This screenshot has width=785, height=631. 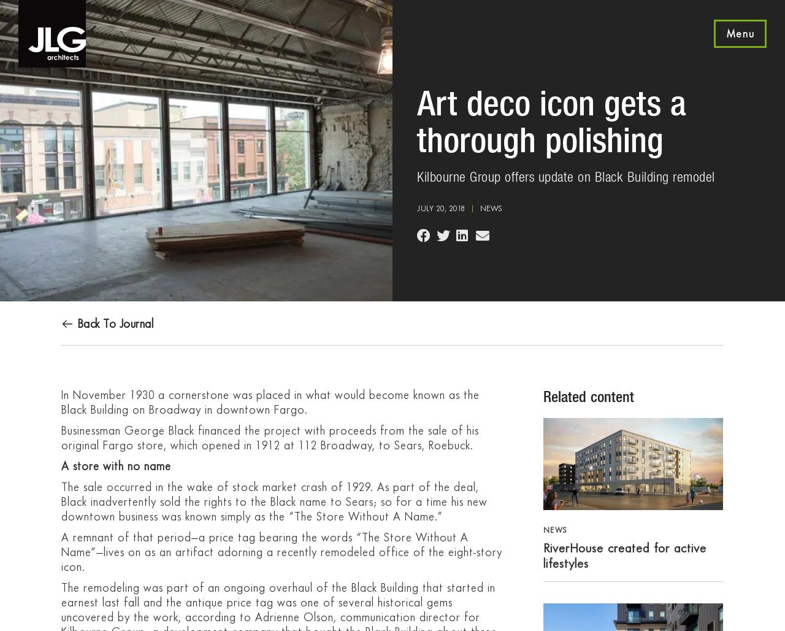 What do you see at coordinates (565, 177) in the screenshot?
I see `'Kilbourne Group offers update on Black Building remodel'` at bounding box center [565, 177].